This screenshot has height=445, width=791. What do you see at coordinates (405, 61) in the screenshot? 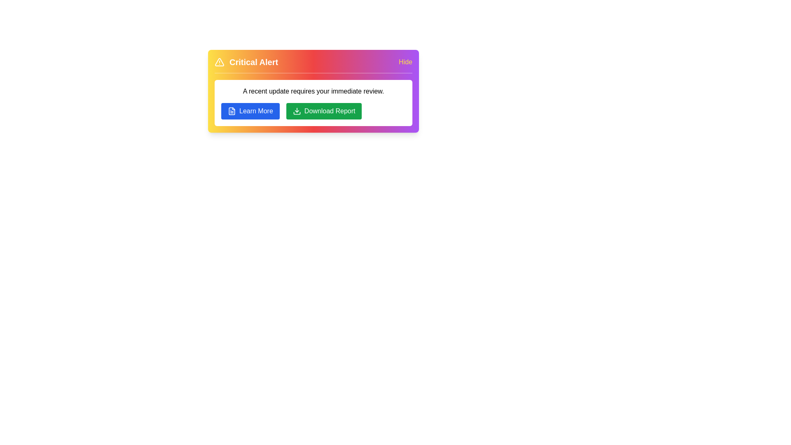
I see `the 'Hide' button to toggle the visibility of the details panel` at bounding box center [405, 61].